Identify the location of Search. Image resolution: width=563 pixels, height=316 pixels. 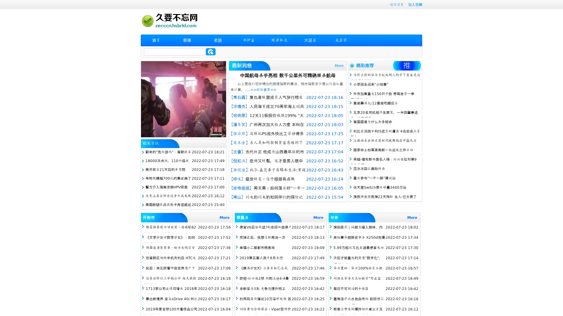
(211, 51).